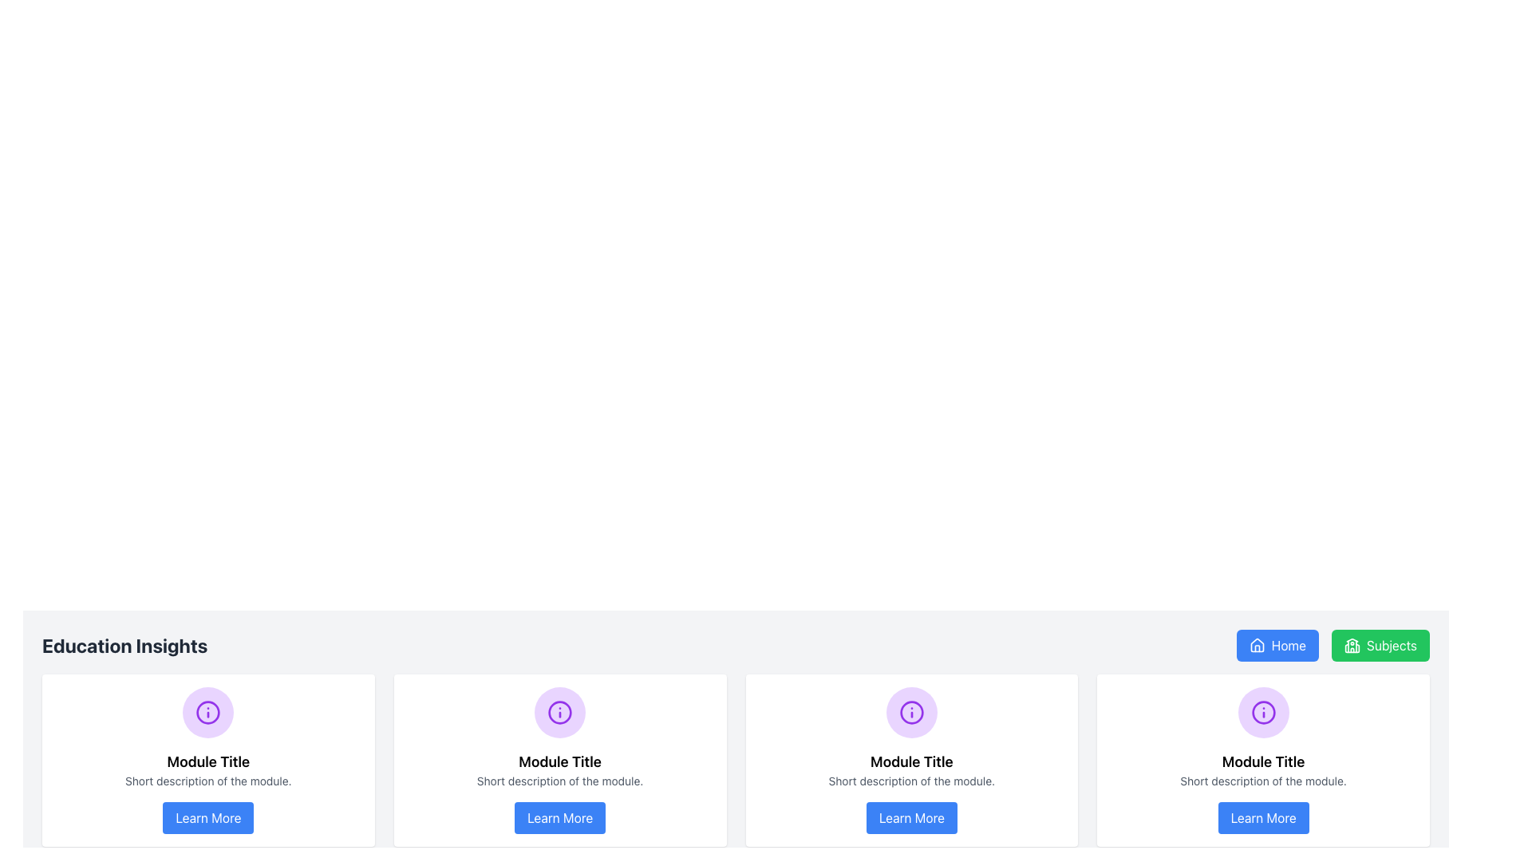 The height and width of the screenshot is (862, 1532). I want to click on text label that provides the title of the module located in the fourth card from the left, following the purple circular icon with an information symbol, so click(1262, 761).